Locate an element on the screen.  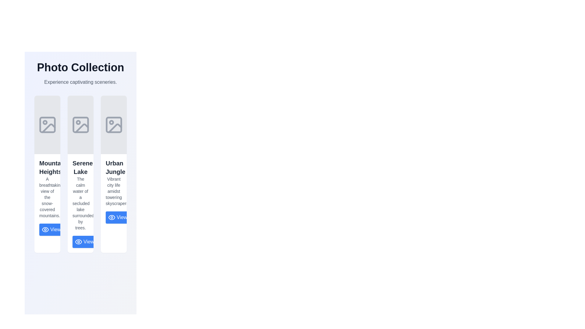
the static text that reads 'Experience captivating sceneries.' which is centered below the heading 'Photo Collection' and above the gallery grid is located at coordinates (80, 82).